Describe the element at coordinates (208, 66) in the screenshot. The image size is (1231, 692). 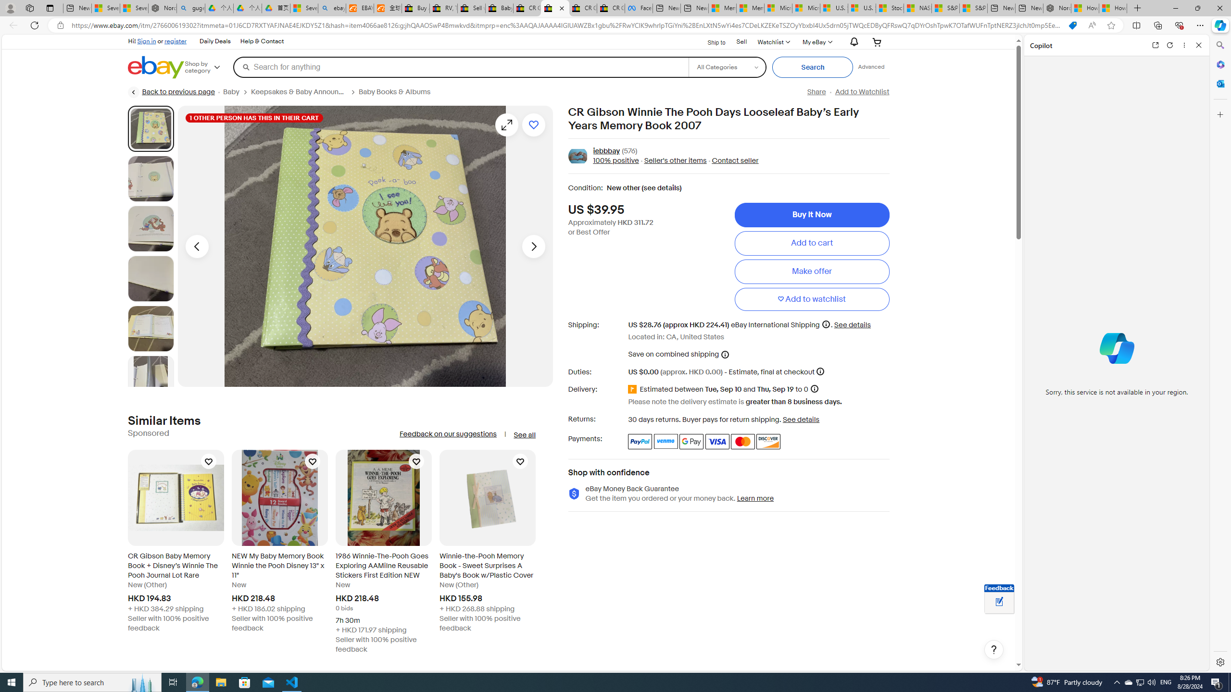
I see `'Shop by category'` at that location.